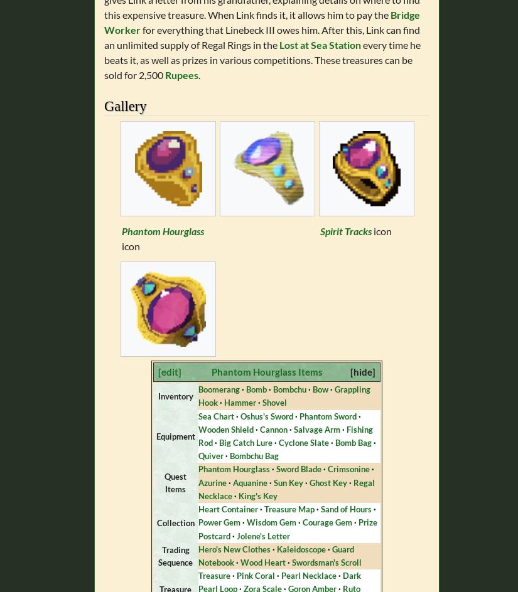 This screenshot has height=592, width=518. What do you see at coordinates (169, 371) in the screenshot?
I see `'[edit]'` at bounding box center [169, 371].